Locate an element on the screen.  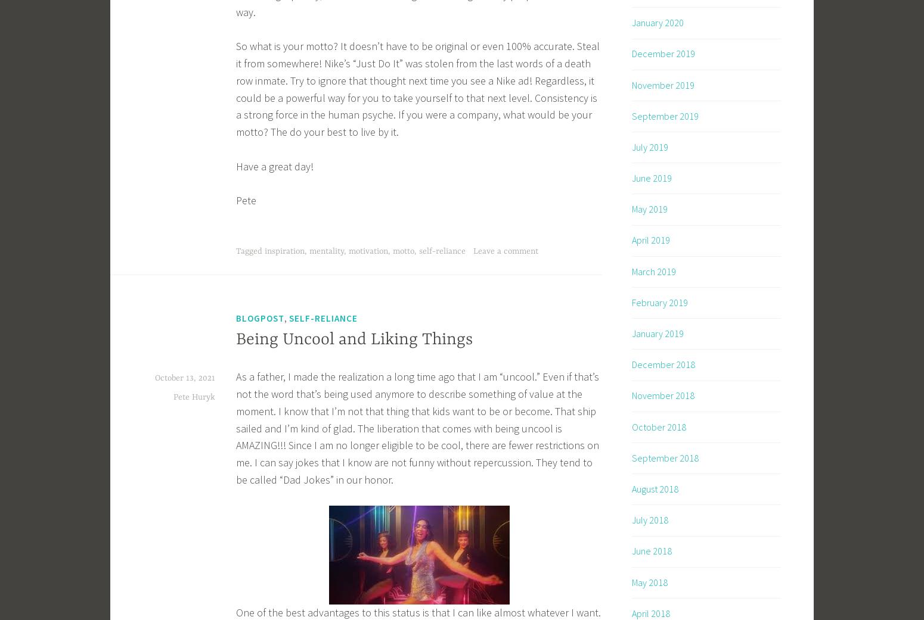
'August 2018' is located at coordinates (654, 488).